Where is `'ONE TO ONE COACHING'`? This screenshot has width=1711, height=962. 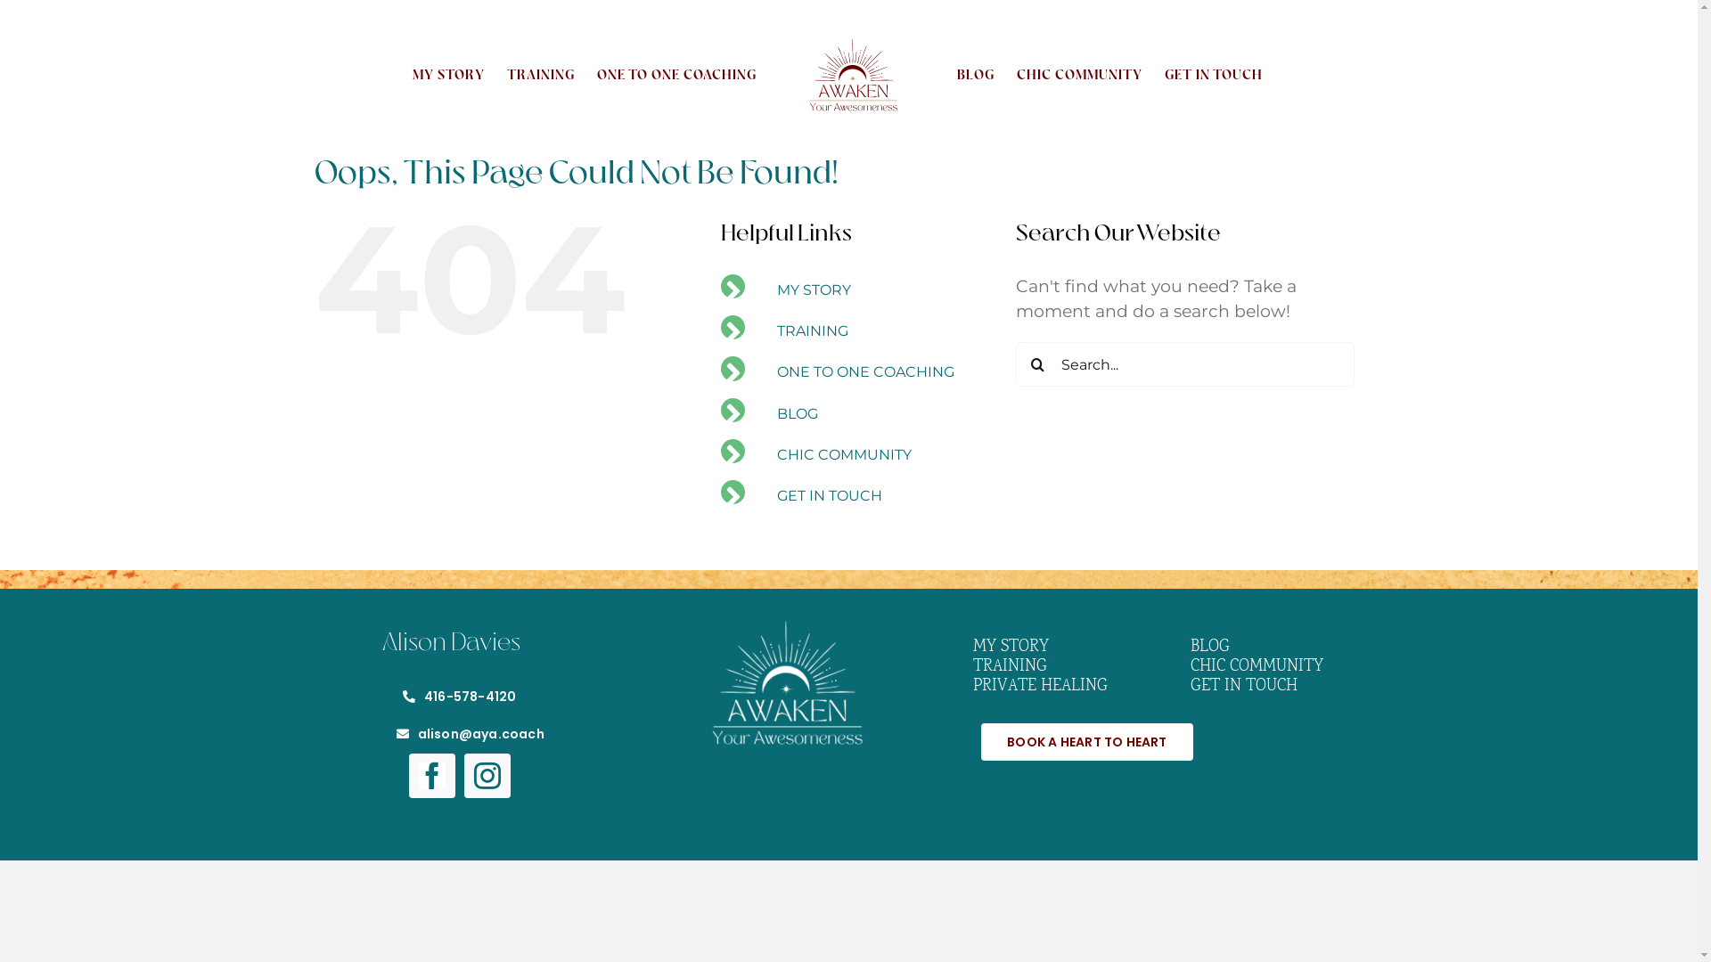
'ONE TO ONE COACHING' is located at coordinates (675, 71).